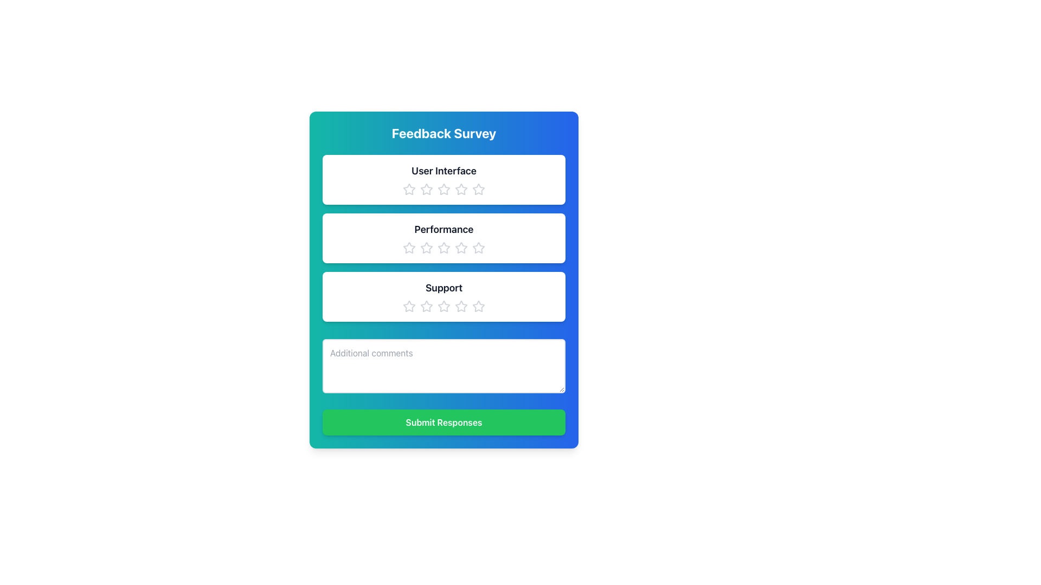 The image size is (1041, 585). Describe the element at coordinates (408, 189) in the screenshot. I see `the first gray star icon in the row of five under the 'User Interface' label in the feedback section` at that location.